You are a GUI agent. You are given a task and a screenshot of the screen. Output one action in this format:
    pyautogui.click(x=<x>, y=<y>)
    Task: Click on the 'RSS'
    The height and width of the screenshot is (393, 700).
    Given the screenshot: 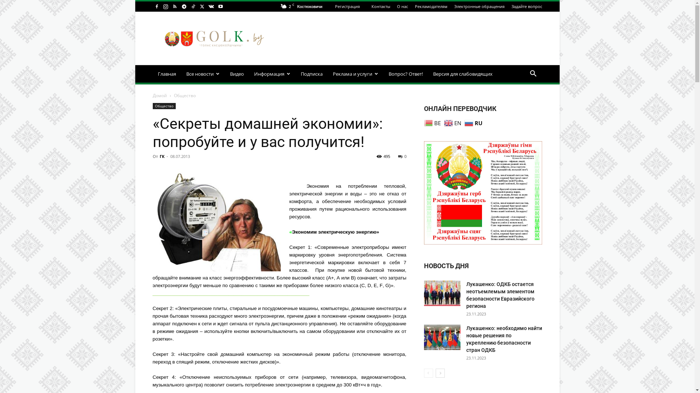 What is the action you would take?
    pyautogui.click(x=174, y=6)
    